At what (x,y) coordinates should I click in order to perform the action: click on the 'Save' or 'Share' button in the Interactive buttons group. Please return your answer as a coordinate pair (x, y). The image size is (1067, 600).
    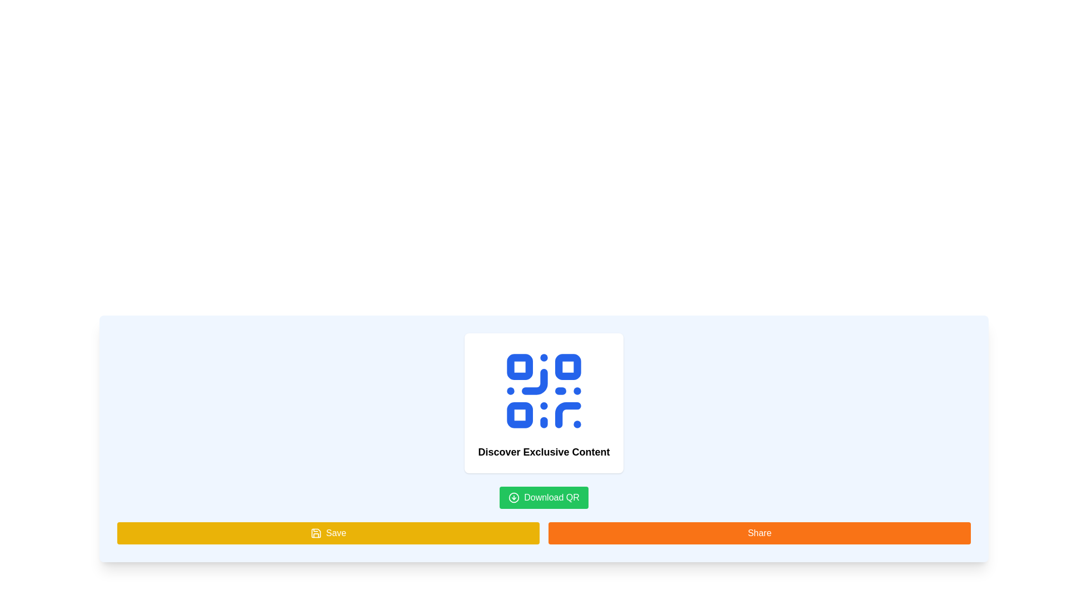
    Looking at the image, I should click on (544, 533).